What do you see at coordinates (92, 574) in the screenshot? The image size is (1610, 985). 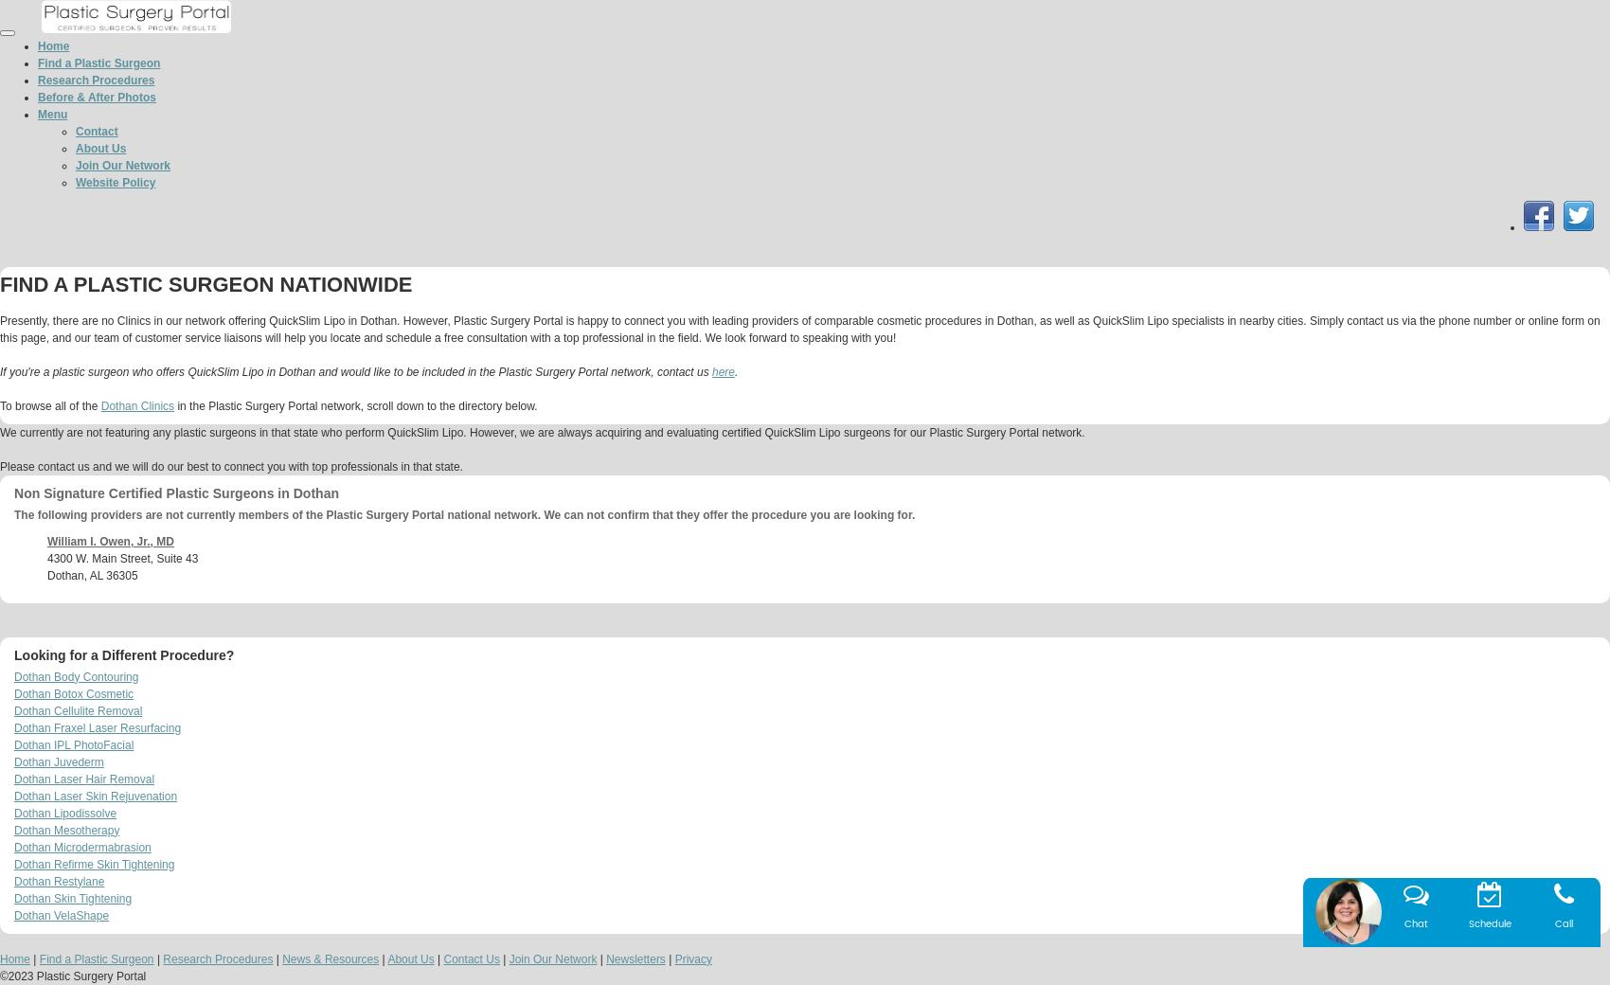 I see `'Dothan, AL 36305'` at bounding box center [92, 574].